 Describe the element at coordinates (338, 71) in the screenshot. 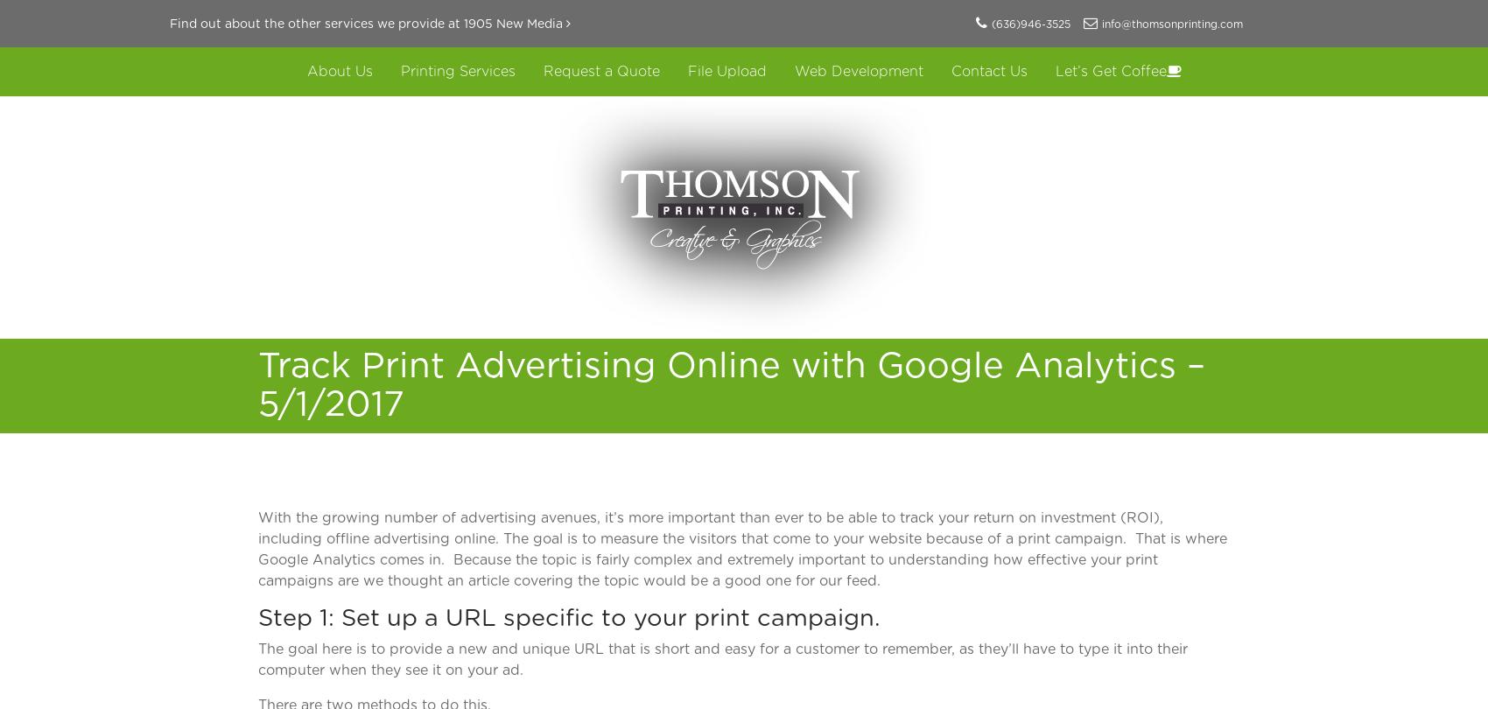

I see `'About Us'` at that location.